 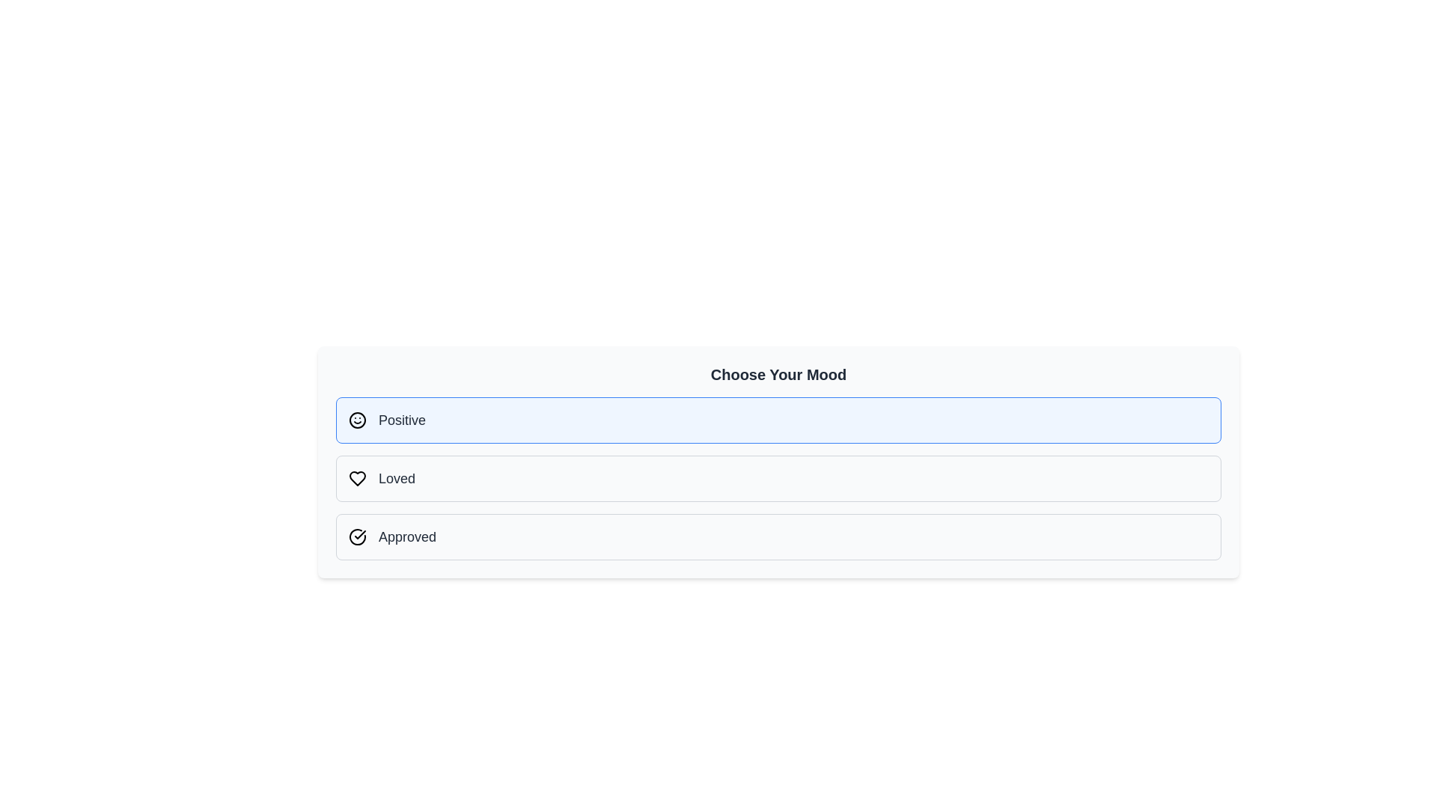 What do you see at coordinates (778, 420) in the screenshot?
I see `the 'Positive' button, which is a horizontally aligned rectangular box with a light blue background and a black smiling face emoji on the left, to apply the hover effect` at bounding box center [778, 420].